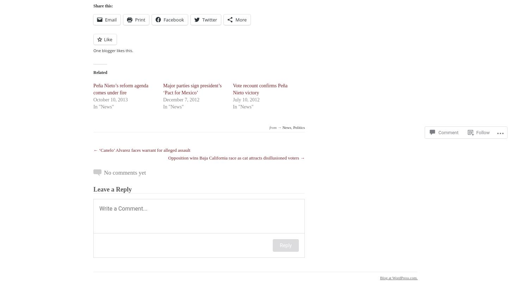 This screenshot has width=511, height=281. I want to click on 'Email', so click(111, 20).